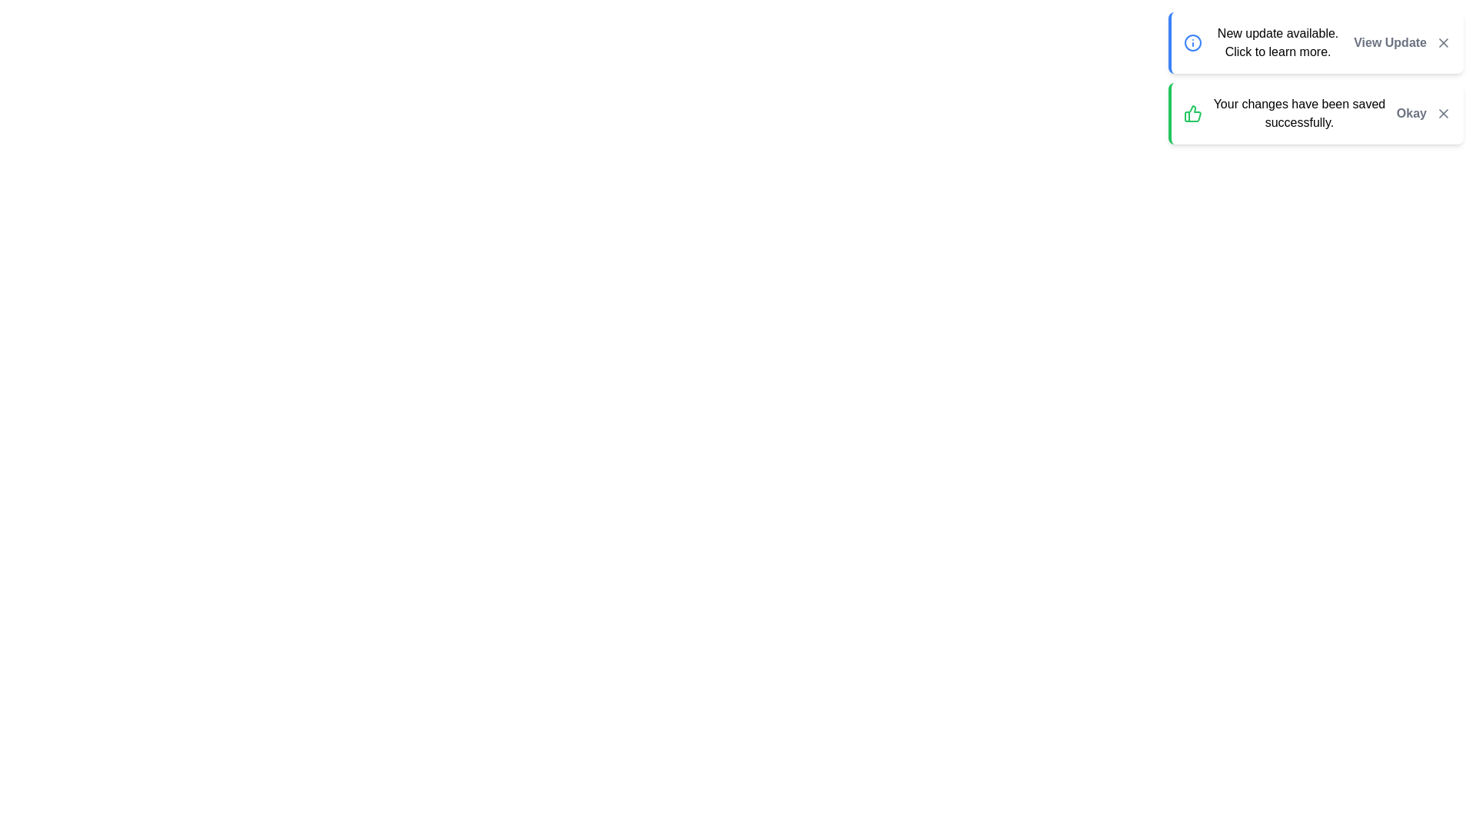 The image size is (1476, 830). What do you see at coordinates (1442, 112) in the screenshot?
I see `the 'X' icon in the top-right corner of the notification box` at bounding box center [1442, 112].